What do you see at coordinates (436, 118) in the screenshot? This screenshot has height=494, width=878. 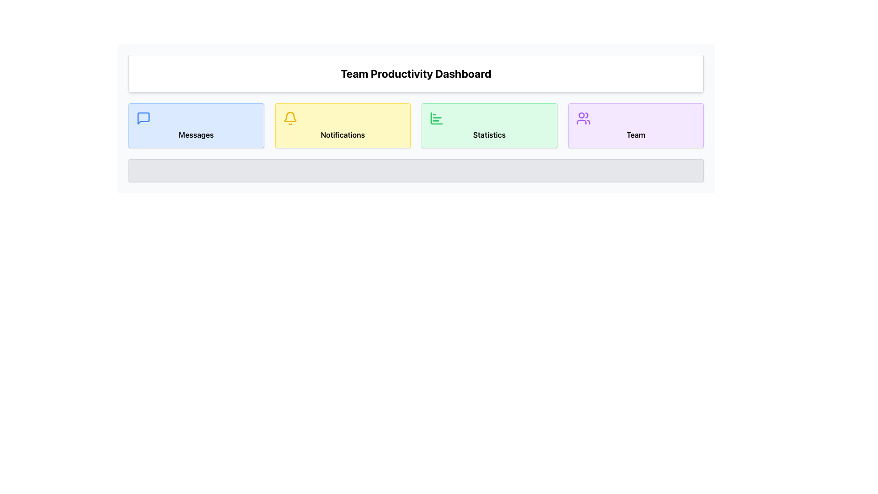 I see `the 'Statistics' card, which is the third card from the left in the second row, represented by a light green color and containing the data analysis icon` at bounding box center [436, 118].